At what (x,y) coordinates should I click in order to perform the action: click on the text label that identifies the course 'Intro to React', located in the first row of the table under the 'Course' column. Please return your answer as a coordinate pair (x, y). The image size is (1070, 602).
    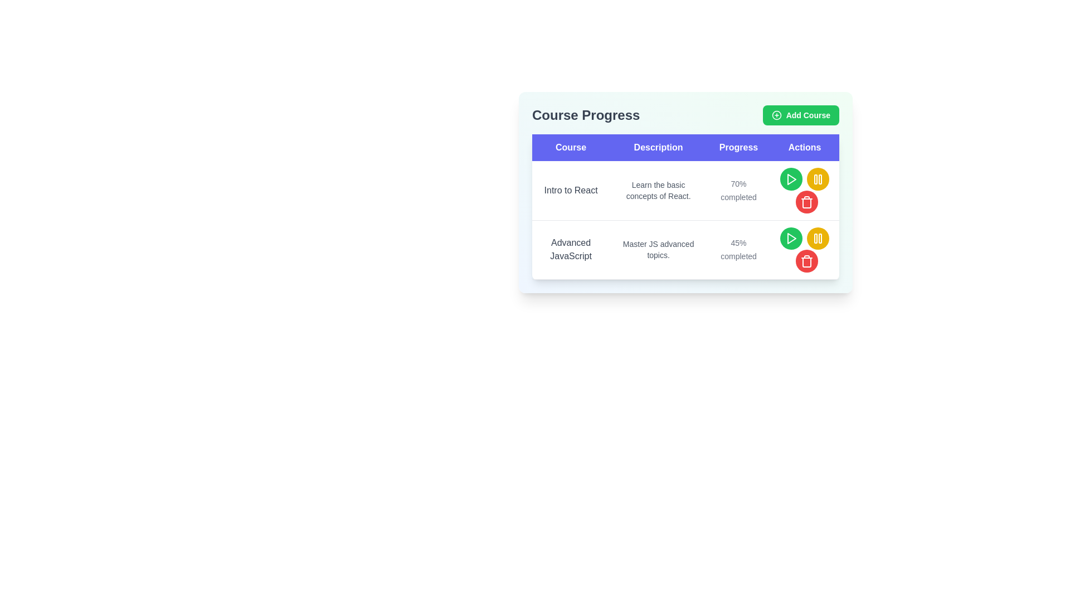
    Looking at the image, I should click on (571, 190).